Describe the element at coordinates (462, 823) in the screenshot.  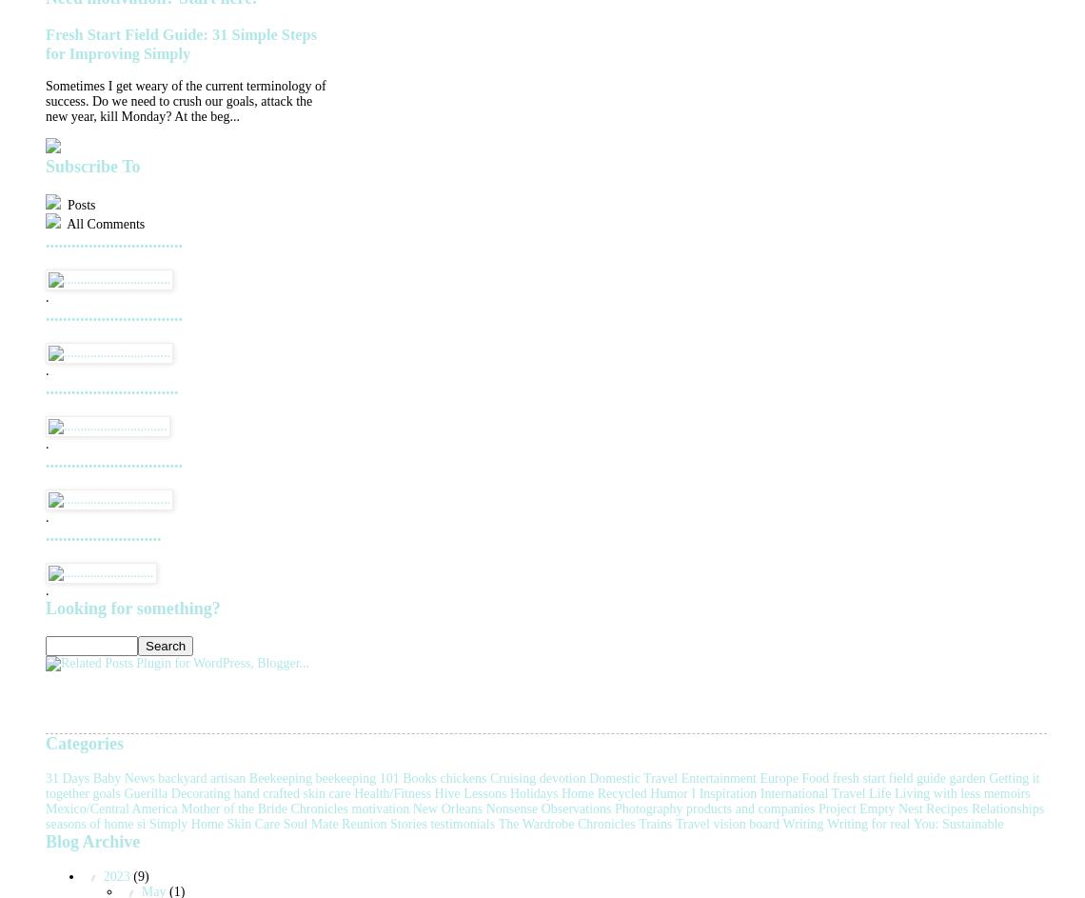
I see `'testimonials'` at that location.